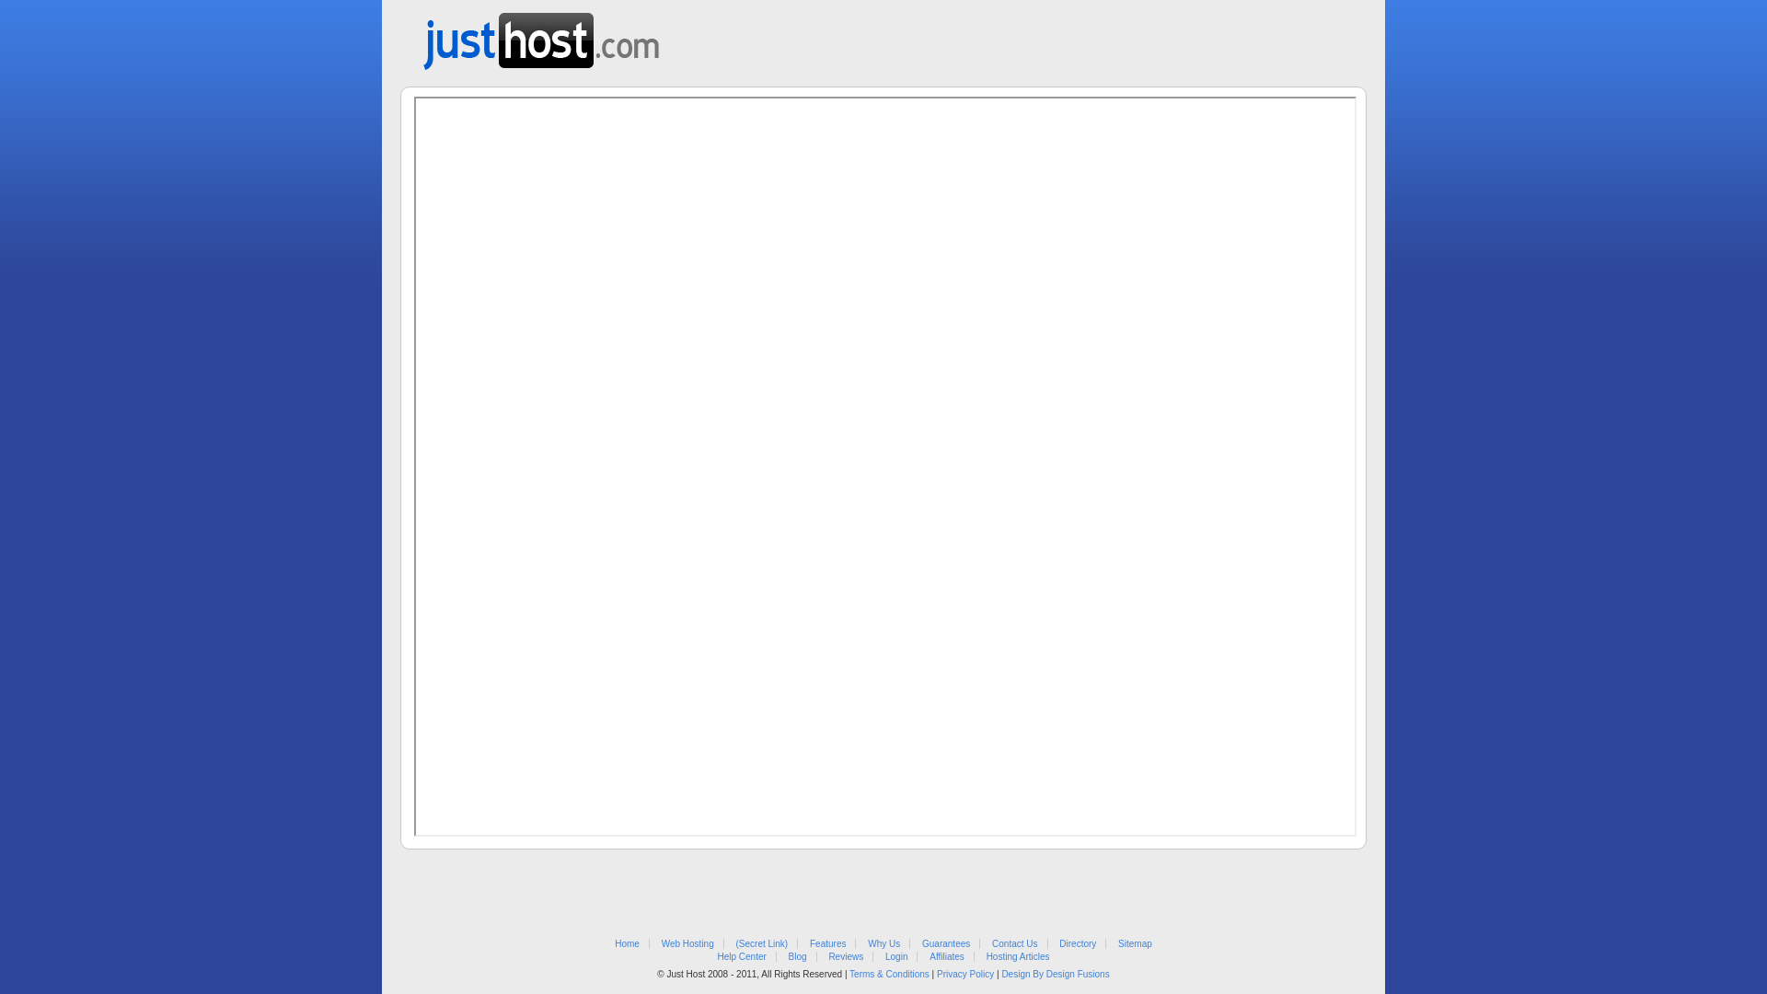 The height and width of the screenshot is (994, 1767). I want to click on 'Blog', so click(798, 955).